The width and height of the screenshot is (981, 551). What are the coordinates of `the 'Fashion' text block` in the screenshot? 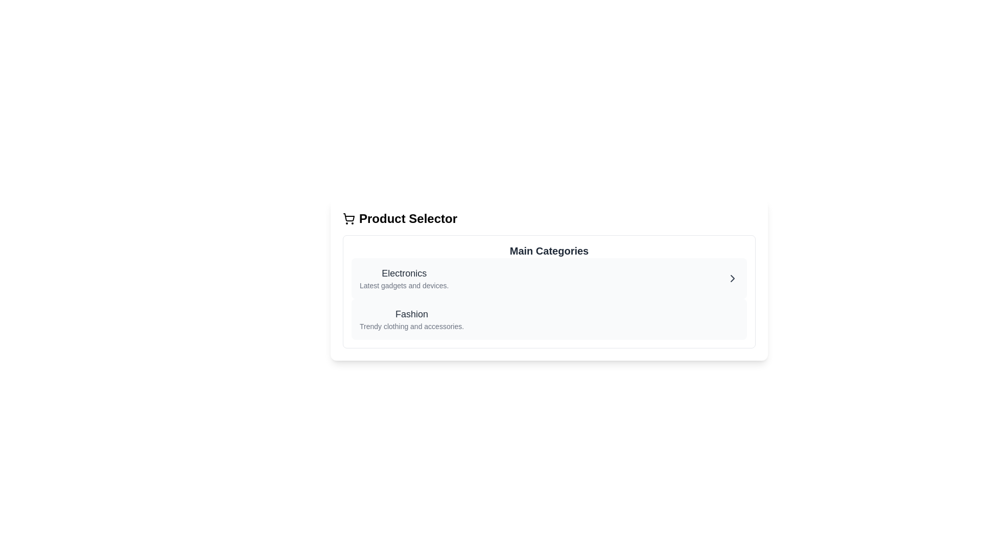 It's located at (412, 318).